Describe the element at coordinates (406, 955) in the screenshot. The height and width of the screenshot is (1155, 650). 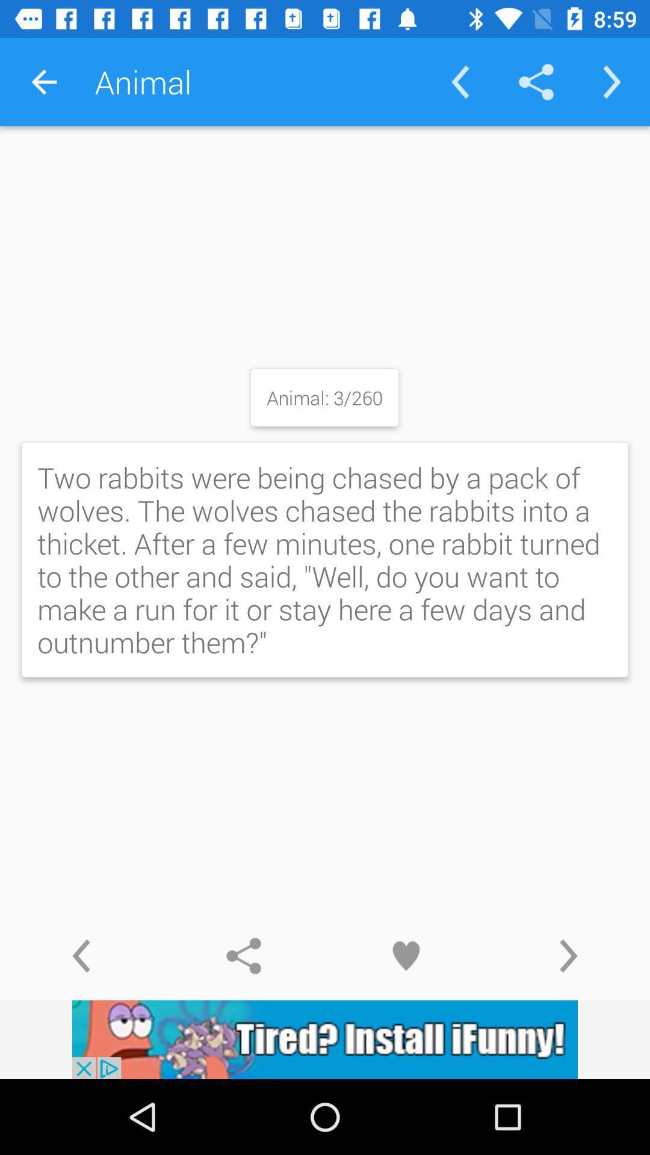
I see `to favourites` at that location.